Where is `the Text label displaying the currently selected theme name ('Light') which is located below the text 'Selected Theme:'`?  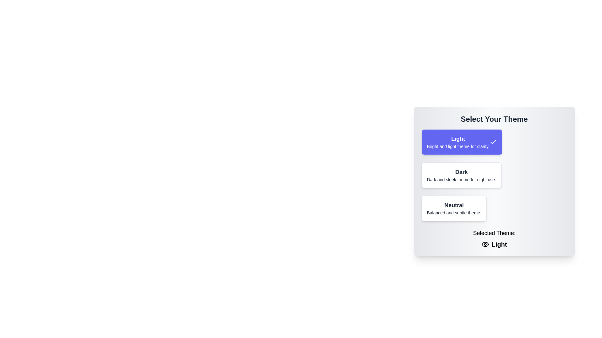 the Text label displaying the currently selected theme name ('Light') which is located below the text 'Selected Theme:' is located at coordinates (494, 244).